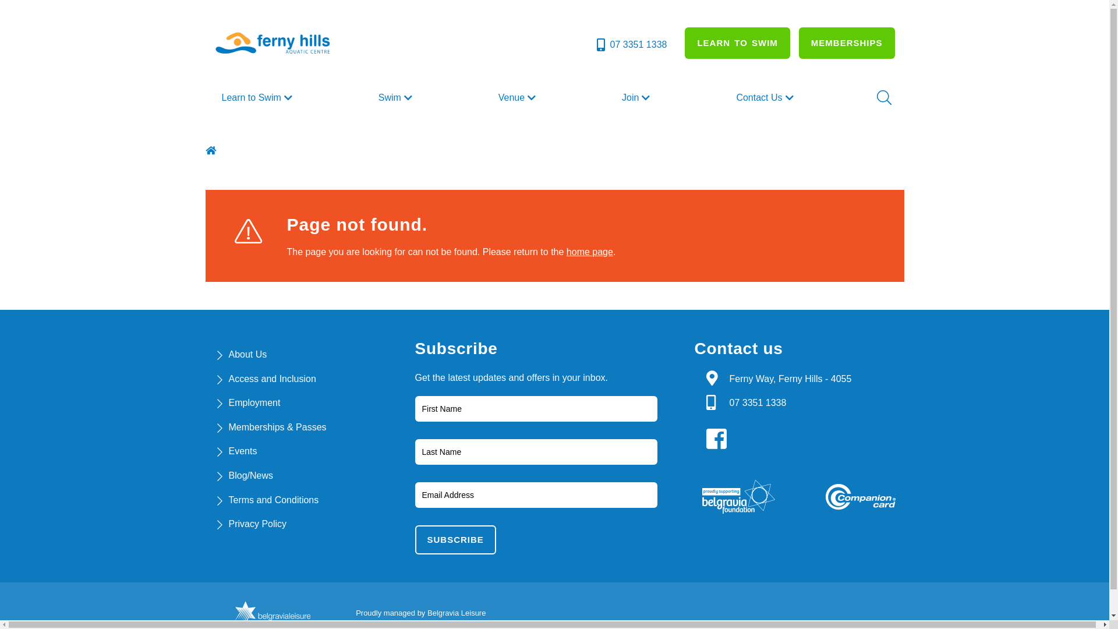 Image resolution: width=1118 pixels, height=629 pixels. I want to click on 'Terms and Conditions', so click(273, 499).